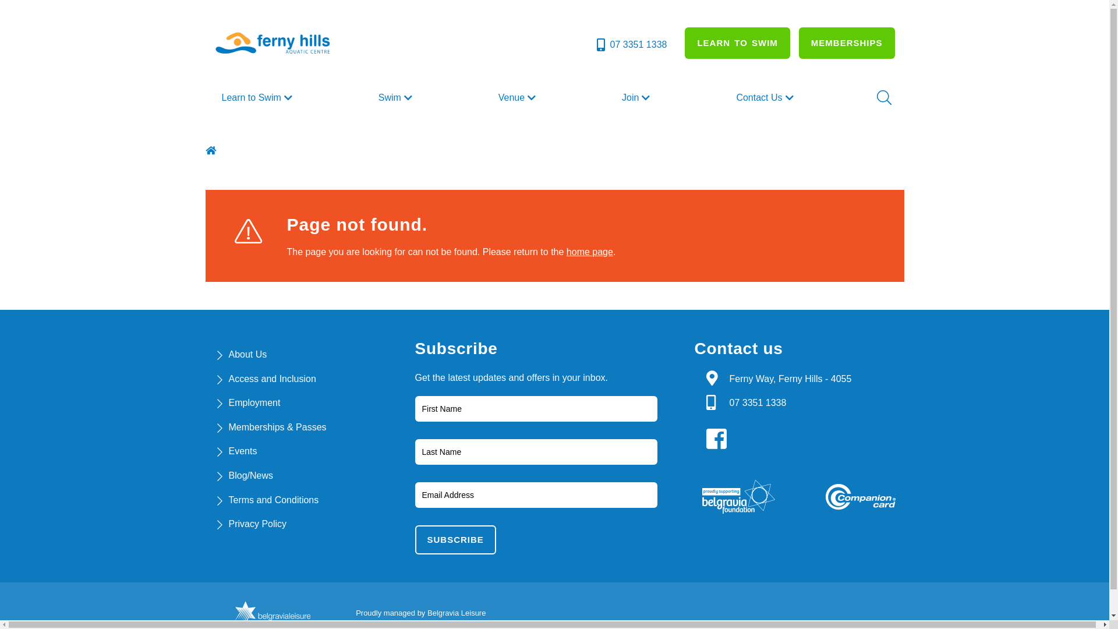 Image resolution: width=1118 pixels, height=629 pixels. I want to click on 'Terms and Conditions', so click(273, 499).